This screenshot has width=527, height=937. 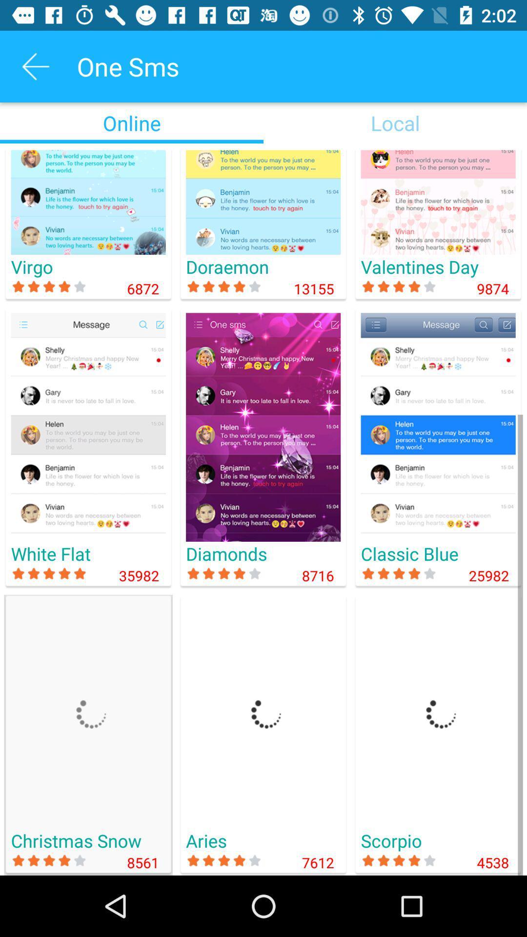 What do you see at coordinates (35, 66) in the screenshot?
I see `icon next to the one sms icon` at bounding box center [35, 66].